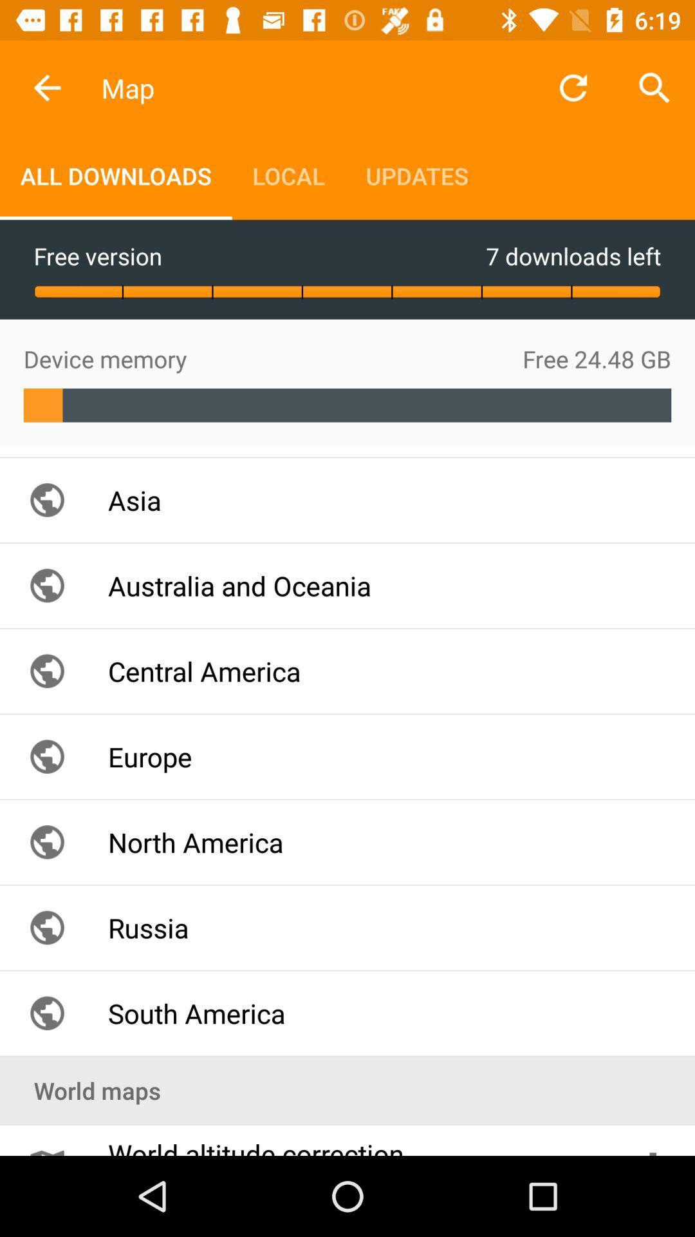  Describe the element at coordinates (116, 175) in the screenshot. I see `item next to local` at that location.